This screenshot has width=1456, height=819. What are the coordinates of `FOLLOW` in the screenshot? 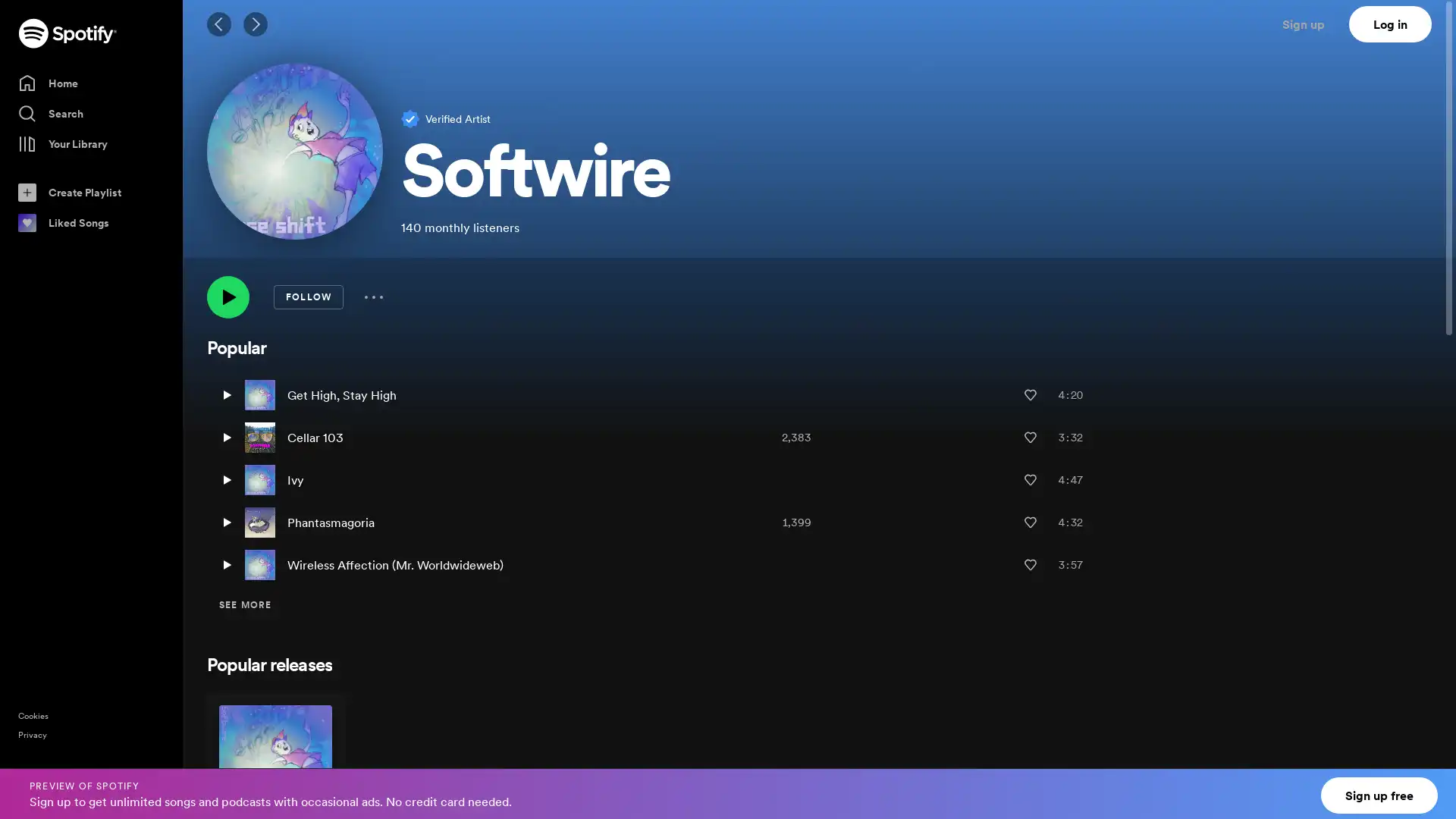 It's located at (308, 297).